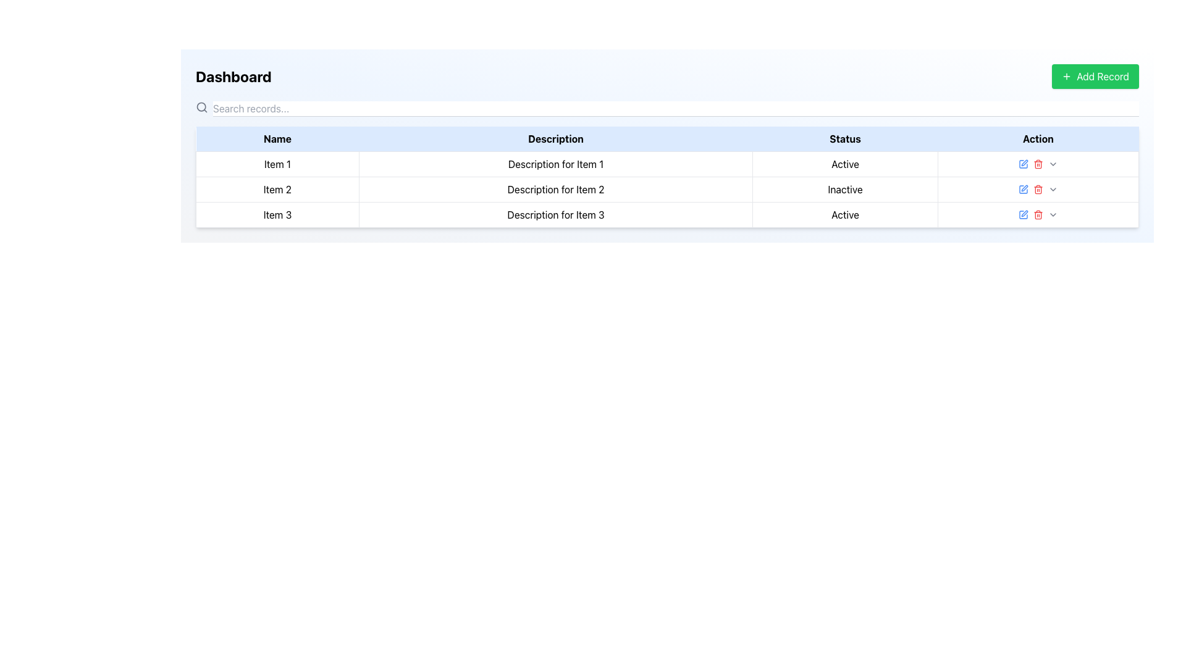 The image size is (1186, 667). I want to click on the Table Header that represents the status of associated entries, located between the 'Description' and 'Action' headers in the horizontal table, so click(844, 139).